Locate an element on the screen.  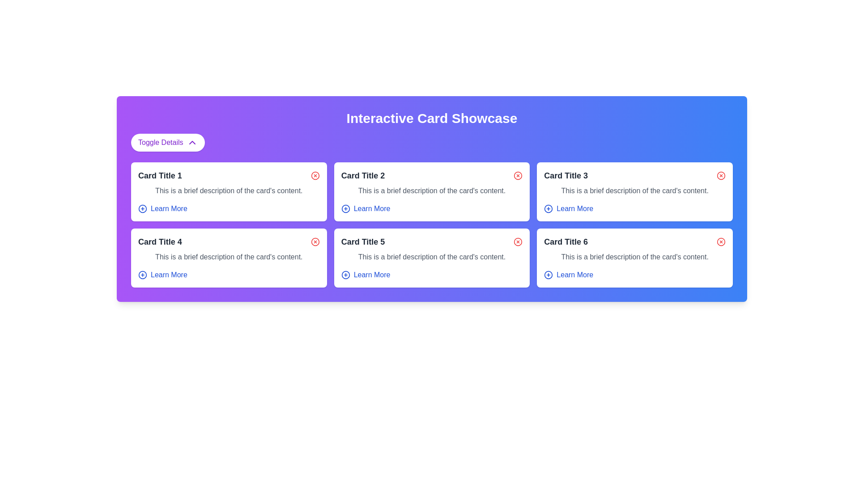
the decorative icon that signifies the expandable 'Learn More' feature located in 'Card Title 1' within the Interactive Card Showcase interface is located at coordinates (142, 208).